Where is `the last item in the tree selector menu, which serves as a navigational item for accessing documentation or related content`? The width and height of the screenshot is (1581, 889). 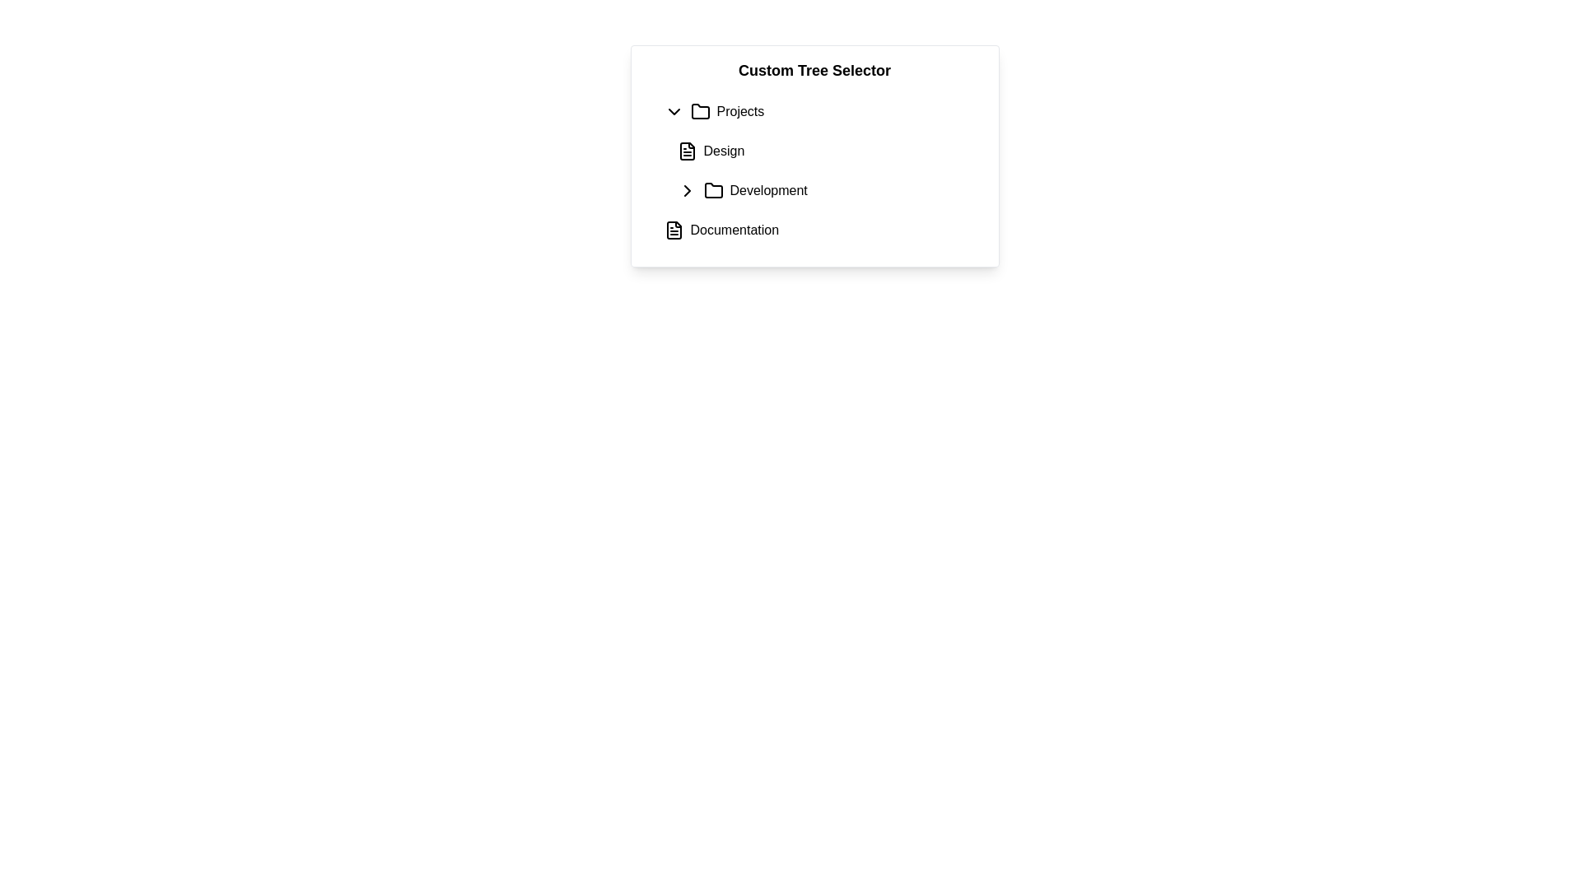
the last item in the tree selector menu, which serves as a navigational item for accessing documentation or related content is located at coordinates (734, 230).